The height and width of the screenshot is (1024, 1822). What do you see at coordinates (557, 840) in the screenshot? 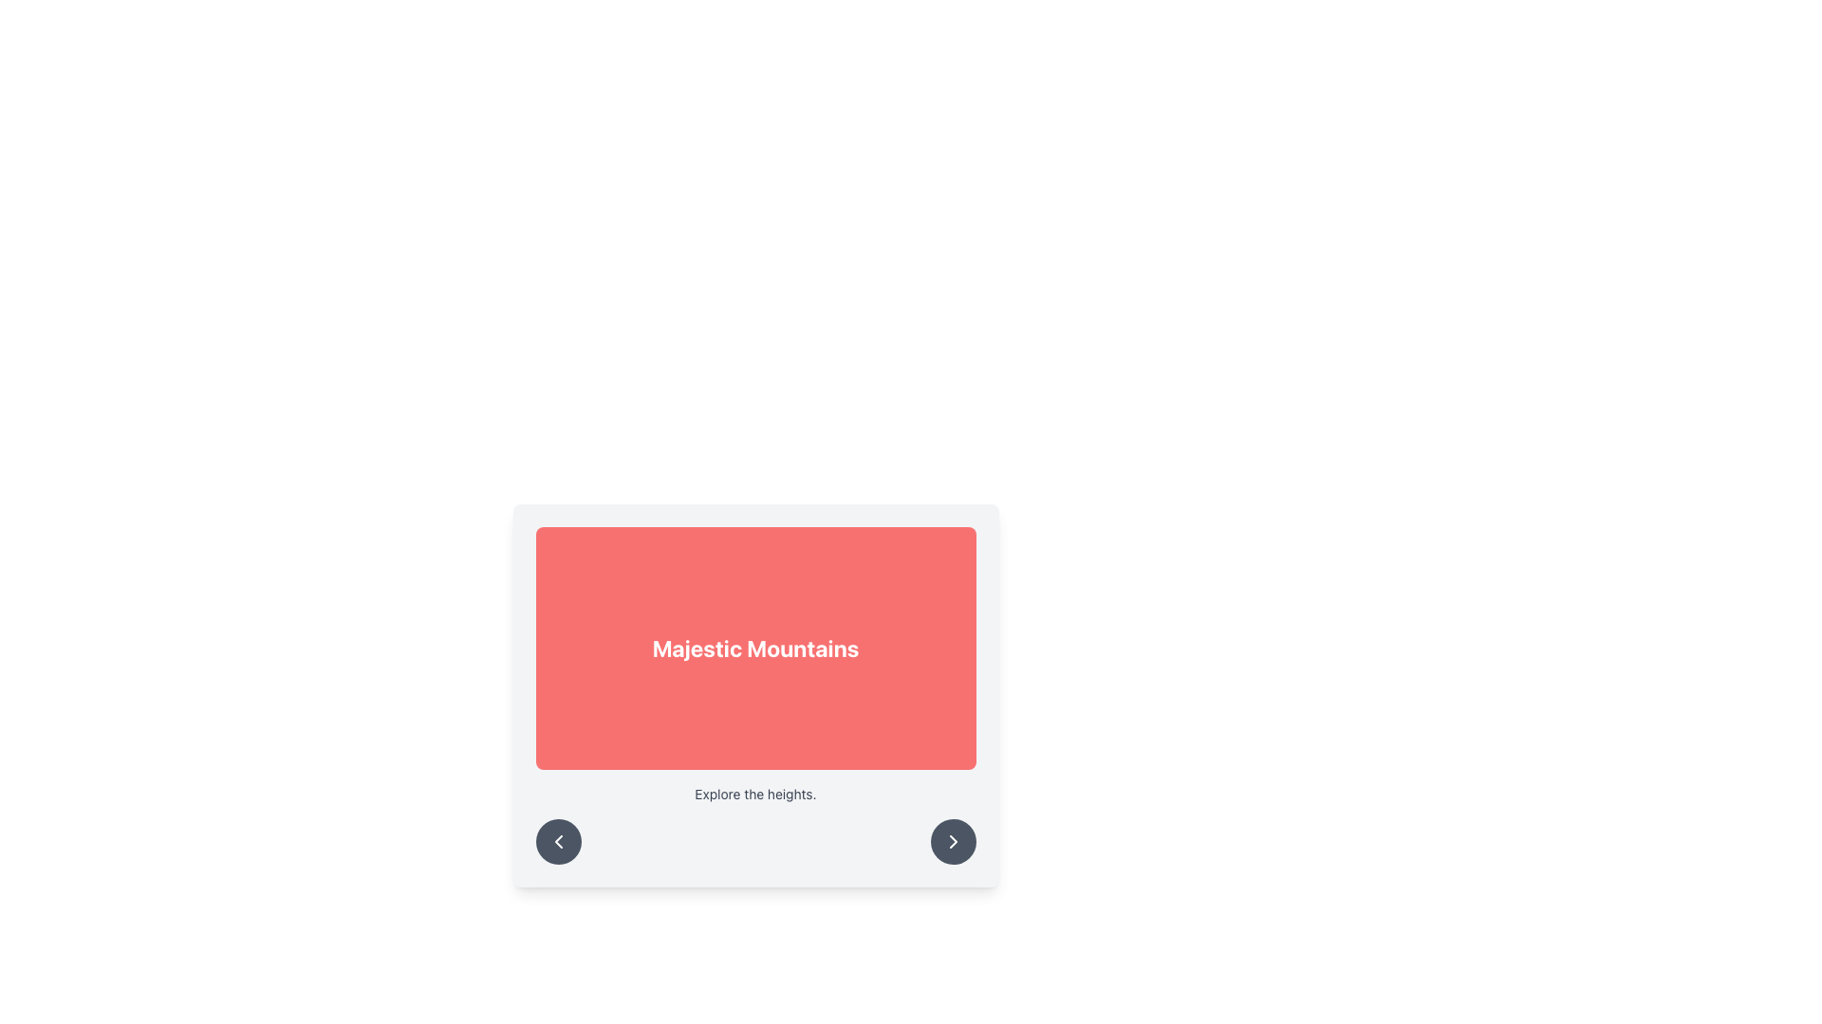
I see `the circular button containing the left-pointing chevron icon located at the bottom-left corner of the card interface adjacent to the 'Majestic Mountains' text` at bounding box center [557, 840].